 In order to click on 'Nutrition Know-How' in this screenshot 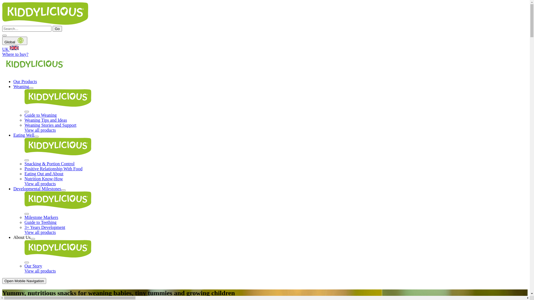, I will do `click(24, 179)`.